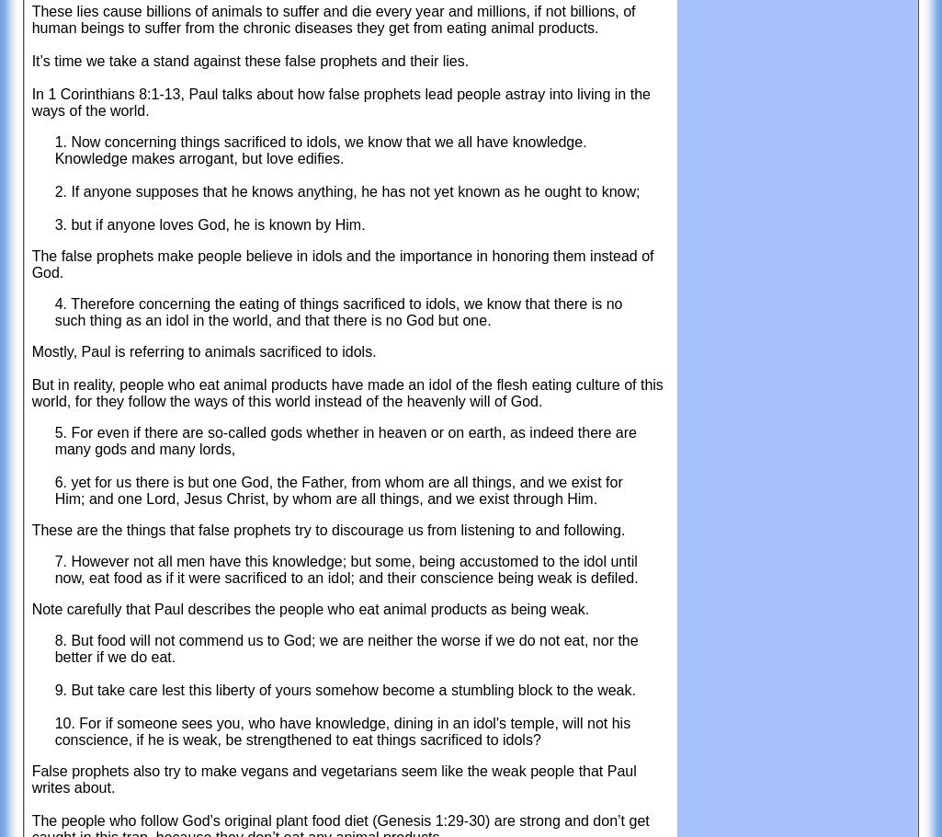 The width and height of the screenshot is (942, 837). I want to click on 'But in reality, people who eat animal products have made an idol of the 
	flesh eating culture of this world, for they follow the ways of this world 
	instead of the heavenly will of God.', so click(346, 393).